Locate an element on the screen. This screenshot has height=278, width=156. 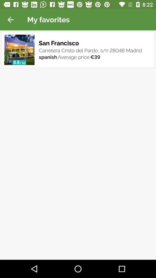
the item next to spanish is located at coordinates (22, 63).